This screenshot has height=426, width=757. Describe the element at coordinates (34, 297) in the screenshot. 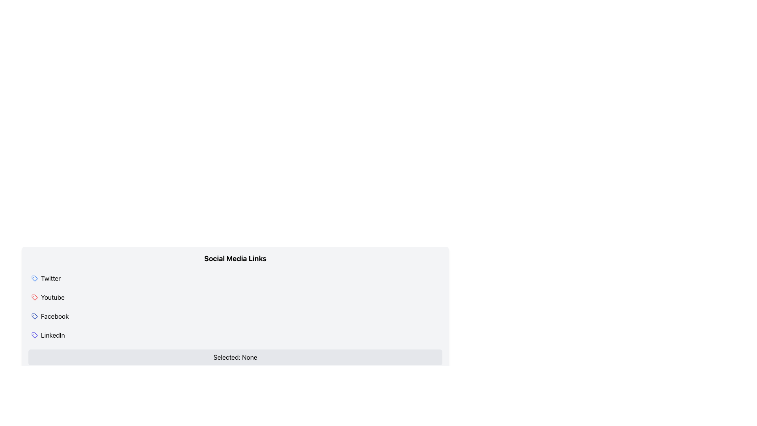

I see `the small red tag-like icon located to the left of the 'Youtube' text in the second list item of social media links` at that location.